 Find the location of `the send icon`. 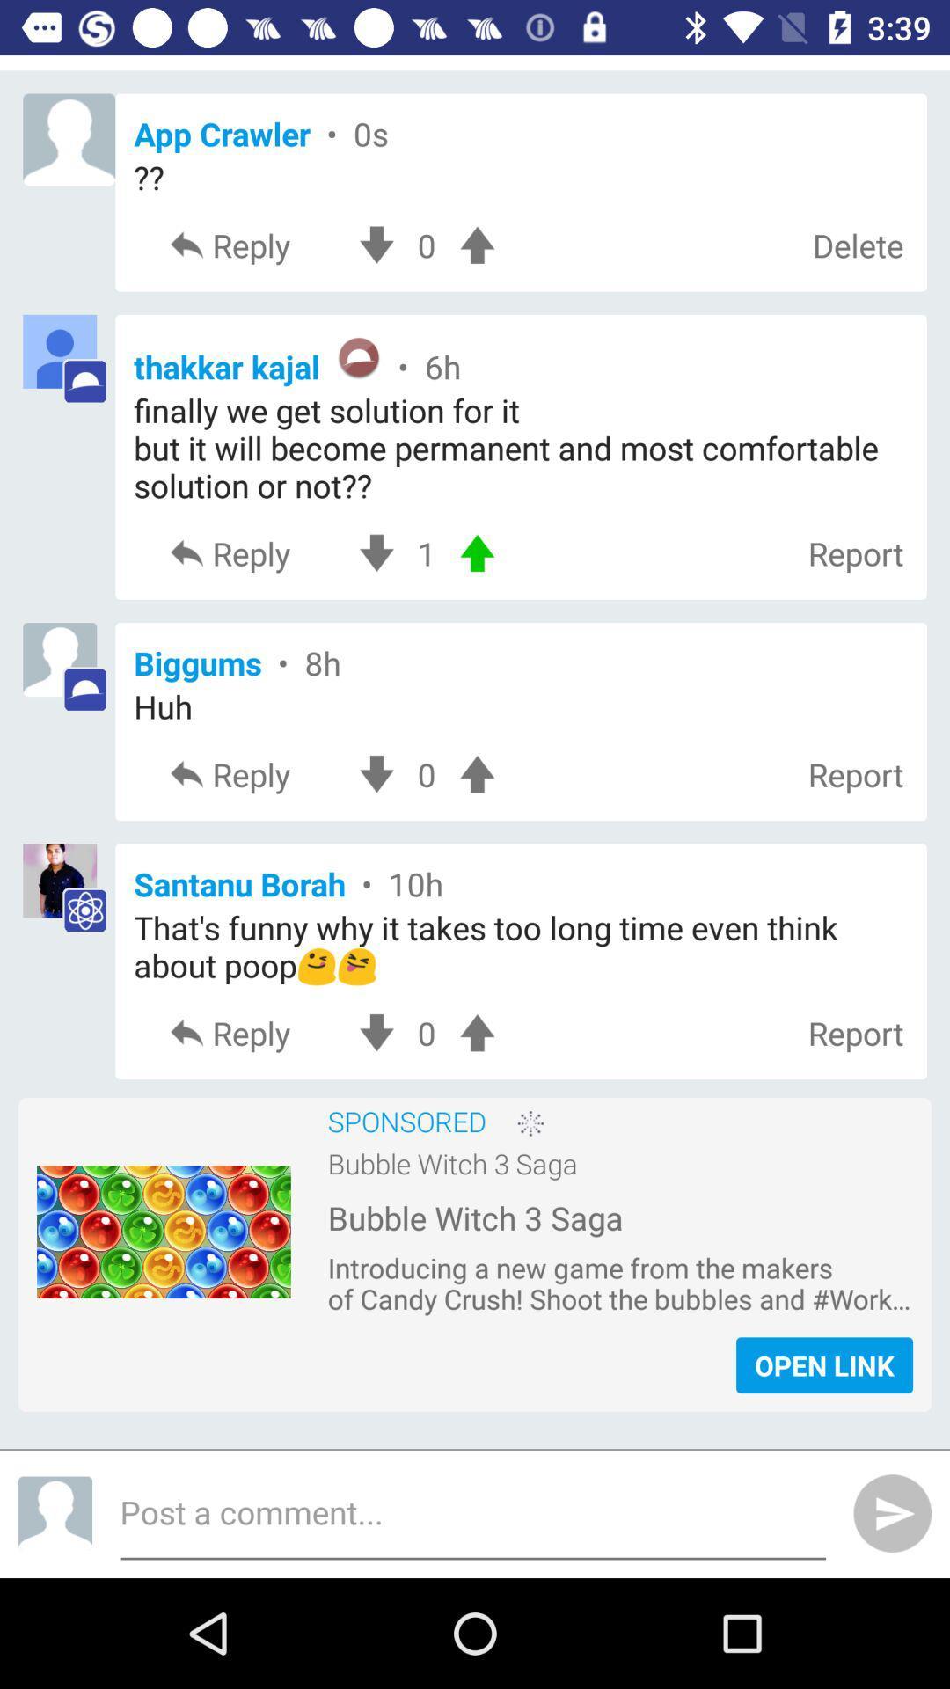

the send icon is located at coordinates (892, 1512).